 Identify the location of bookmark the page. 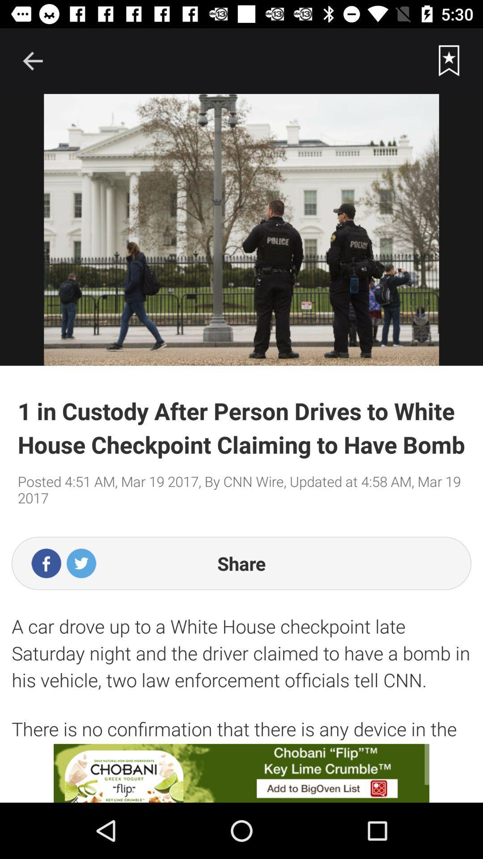
(449, 60).